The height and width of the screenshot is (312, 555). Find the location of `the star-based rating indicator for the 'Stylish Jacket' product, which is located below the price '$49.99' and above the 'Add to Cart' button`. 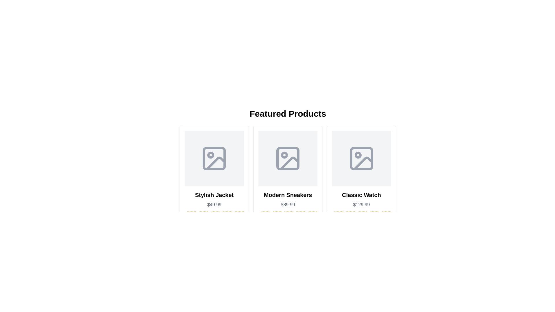

the star-based rating indicator for the 'Stylish Jacket' product, which is located below the price '$49.99' and above the 'Add to Cart' button is located at coordinates (214, 214).